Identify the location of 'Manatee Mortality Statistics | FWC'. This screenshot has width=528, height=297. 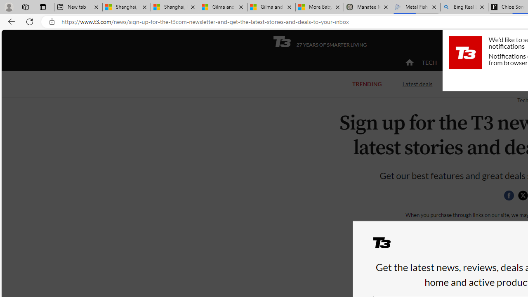
(368, 7).